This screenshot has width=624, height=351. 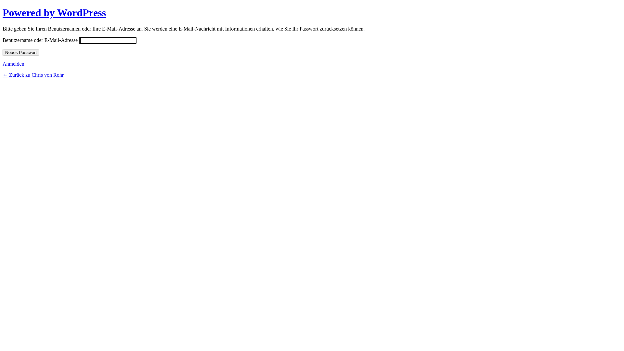 I want to click on 'Neues Passwort', so click(x=21, y=52).